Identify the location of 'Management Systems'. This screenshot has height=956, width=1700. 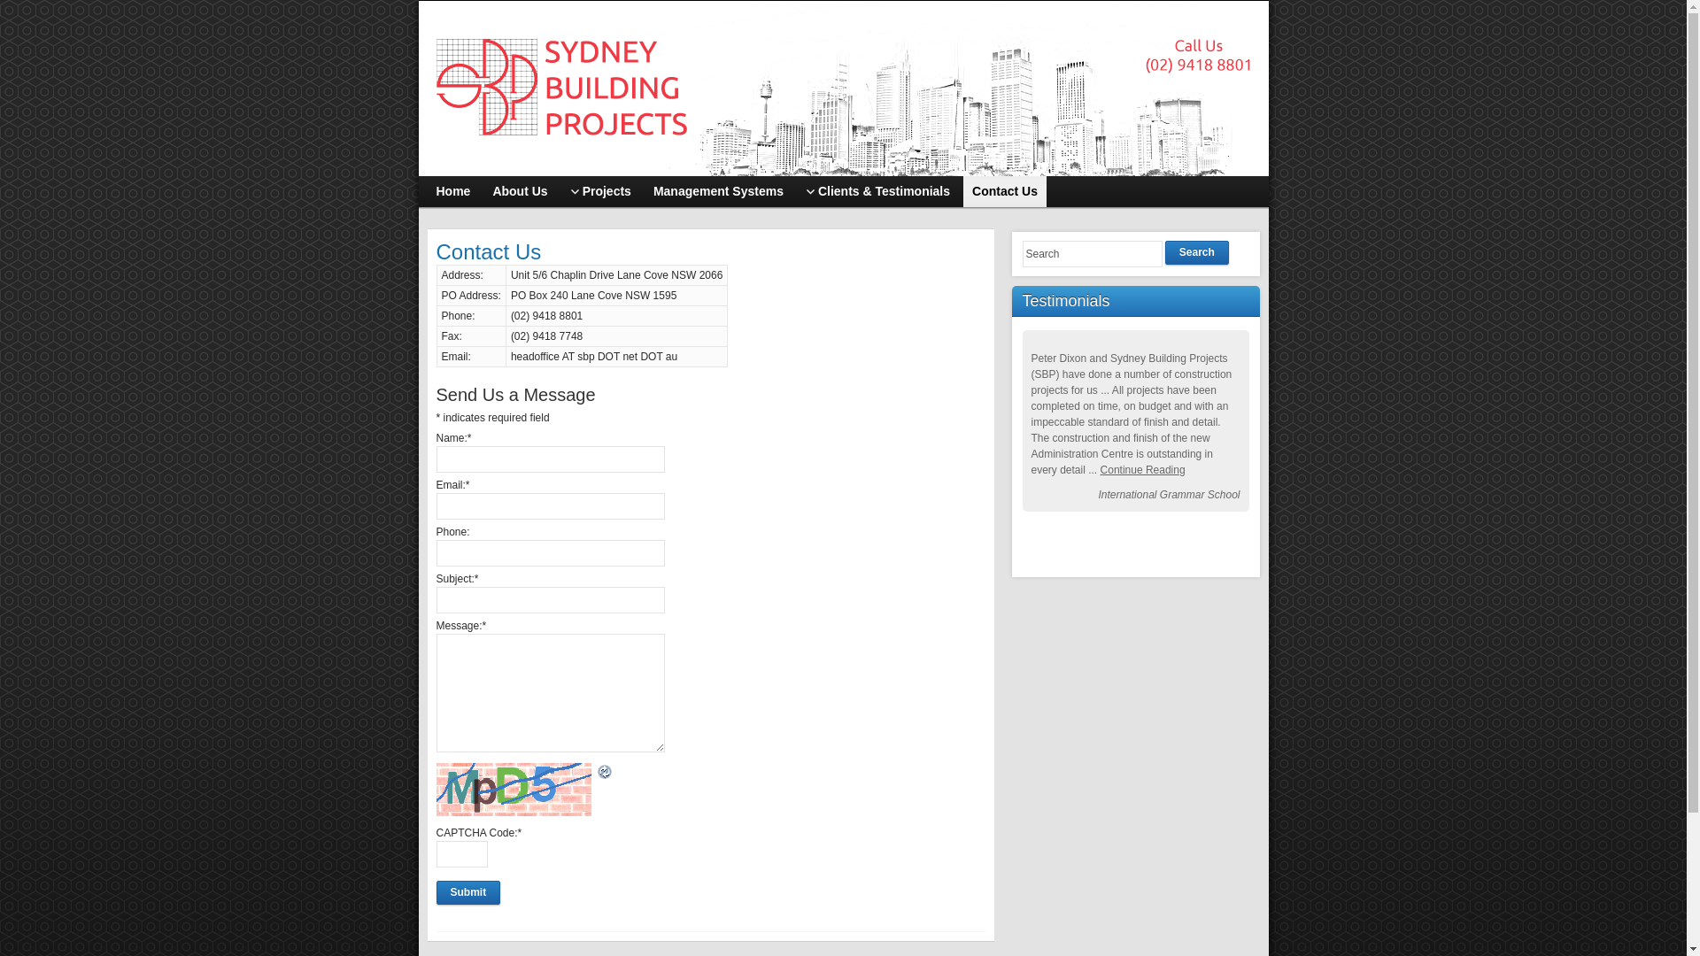
(718, 191).